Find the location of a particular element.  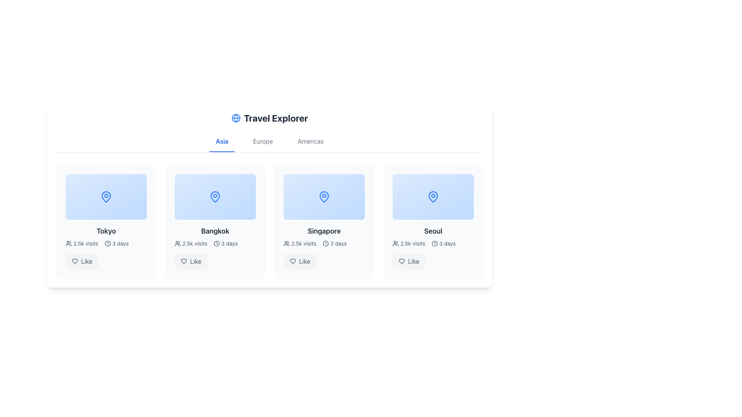

the static text label displaying '3 days', located under the title 'Tokyo', right of the clock icon is located at coordinates (120, 244).